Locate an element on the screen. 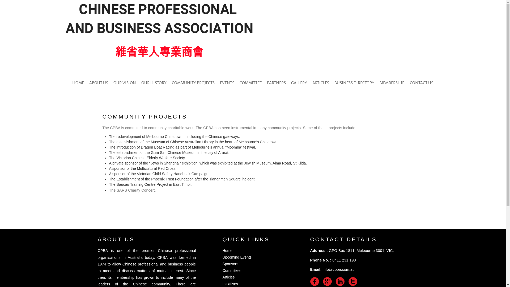 The height and width of the screenshot is (287, 510). 'COMMUNITY PROJECTS' is located at coordinates (193, 83).